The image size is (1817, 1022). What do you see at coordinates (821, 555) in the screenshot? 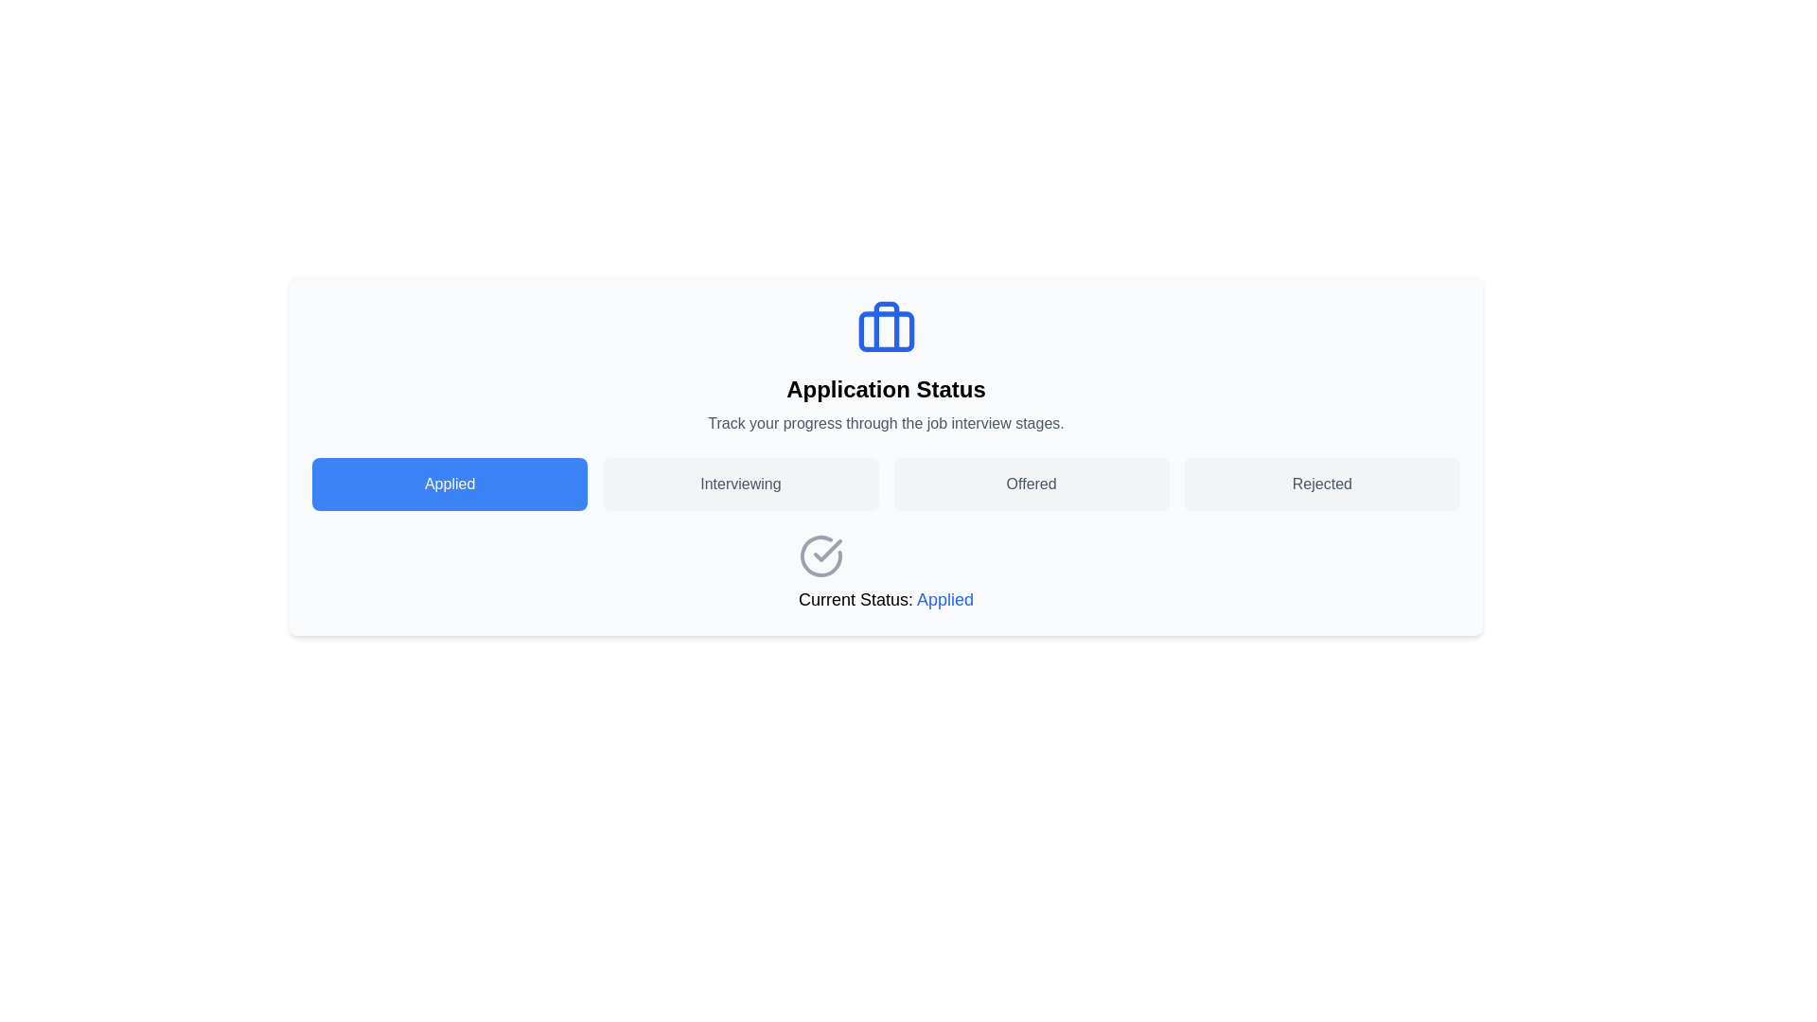
I see `the circular icon containing a checkmark, which has a gray border and transparent background, located near the status text 'Applied' in the section labeled 'Current Status: Applied'` at bounding box center [821, 555].